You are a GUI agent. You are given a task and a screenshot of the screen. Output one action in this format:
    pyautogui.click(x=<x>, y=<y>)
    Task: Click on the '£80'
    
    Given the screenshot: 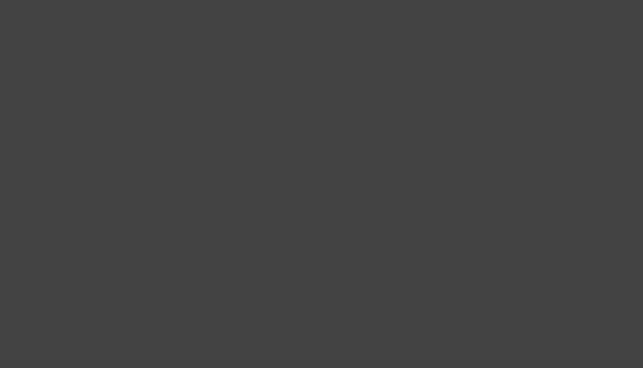 What is the action you would take?
    pyautogui.click(x=498, y=254)
    